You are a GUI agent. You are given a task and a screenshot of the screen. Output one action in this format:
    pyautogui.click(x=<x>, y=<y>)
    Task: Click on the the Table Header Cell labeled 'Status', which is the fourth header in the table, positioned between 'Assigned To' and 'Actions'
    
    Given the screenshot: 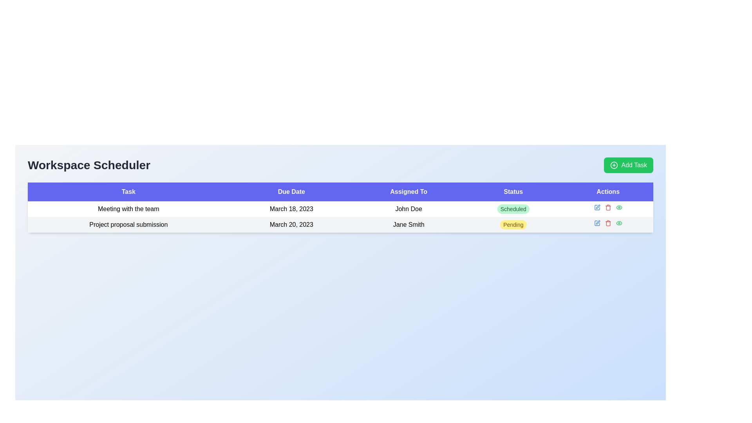 What is the action you would take?
    pyautogui.click(x=513, y=192)
    